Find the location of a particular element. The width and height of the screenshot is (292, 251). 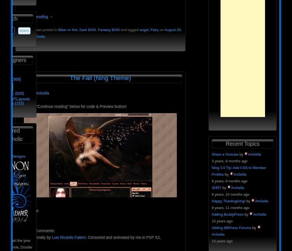

'Search' is located at coordinates (9, 18).